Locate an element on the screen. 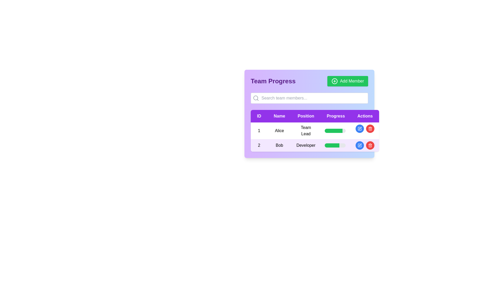 This screenshot has height=282, width=502. the horizontal progress bar in the 'Progress' column for 'Bob, Developer' in the second row of the table, which is styled with a light gray backdrop and a green filled portion is located at coordinates (336, 145).